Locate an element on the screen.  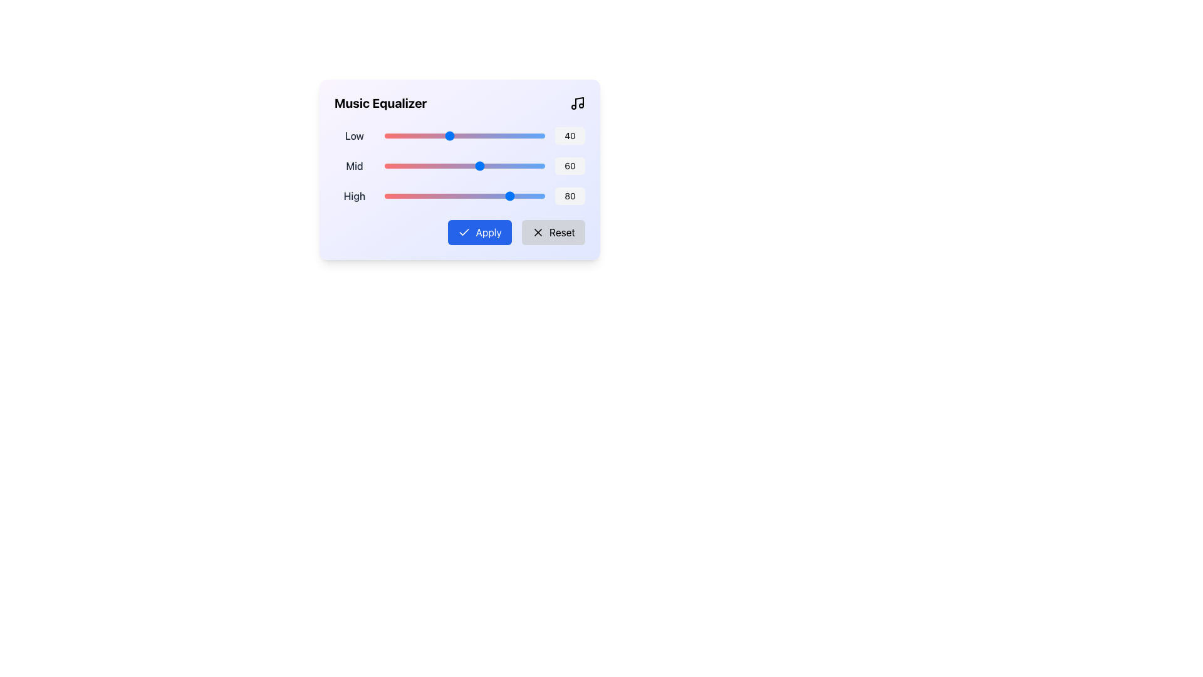
the mid-range slider is located at coordinates (524, 165).